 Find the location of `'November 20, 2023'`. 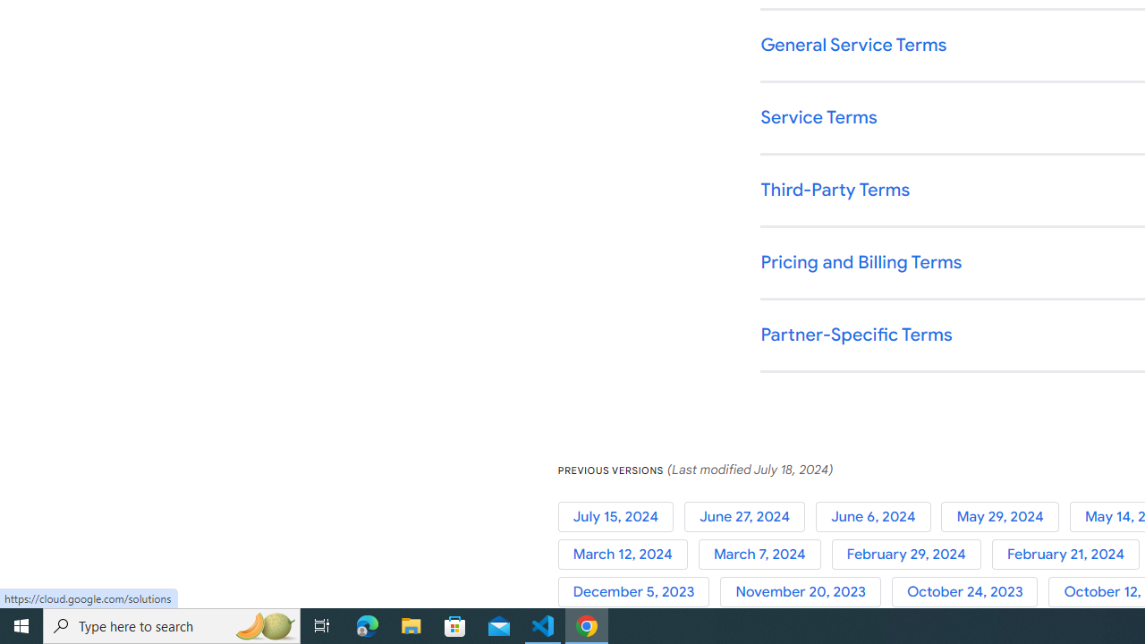

'November 20, 2023' is located at coordinates (805, 592).